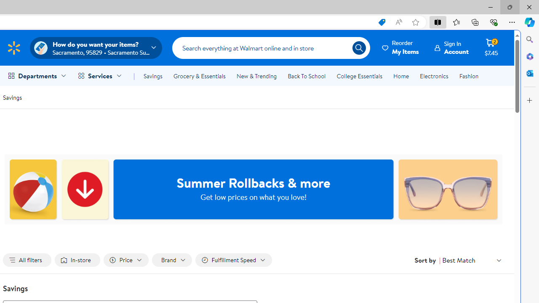 The width and height of the screenshot is (539, 303). I want to click on 'Class: ld ld-ChevronDown pa0 ml6', so click(499, 260).